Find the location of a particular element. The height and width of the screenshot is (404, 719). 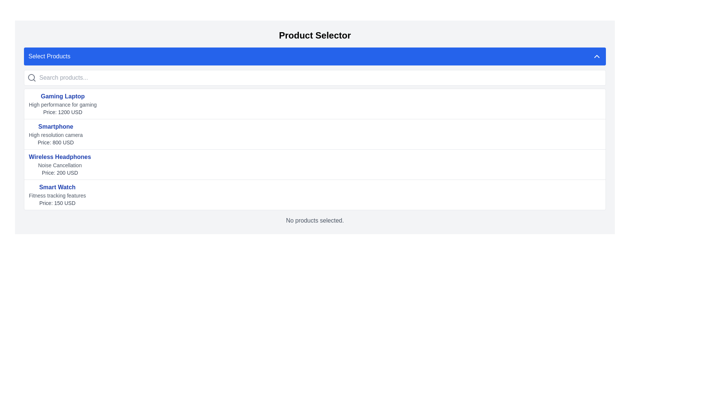

the first list item titled 'Gaming Laptop' in bold blue font is located at coordinates (315, 104).